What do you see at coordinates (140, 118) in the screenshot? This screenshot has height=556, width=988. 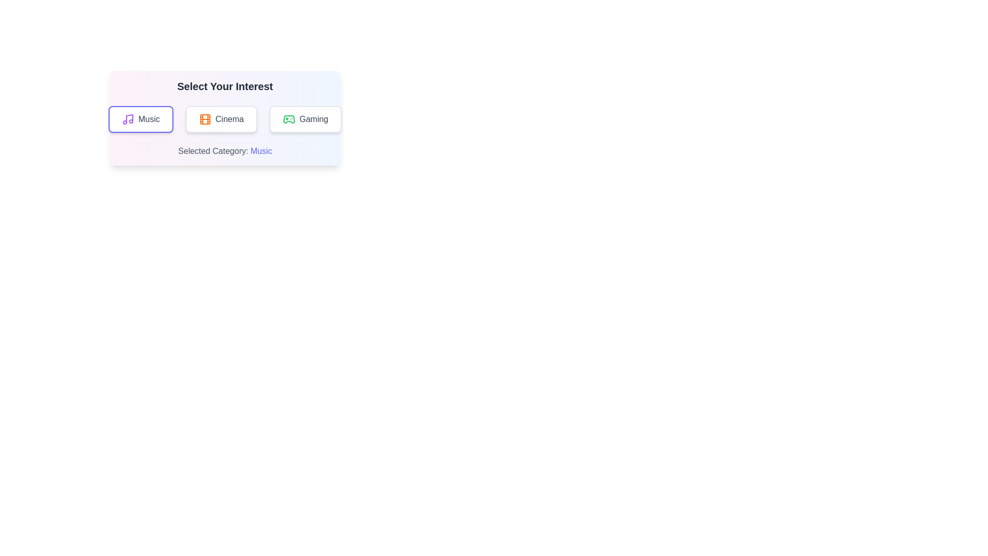 I see `the button labeled Music to view its hover effect` at bounding box center [140, 118].